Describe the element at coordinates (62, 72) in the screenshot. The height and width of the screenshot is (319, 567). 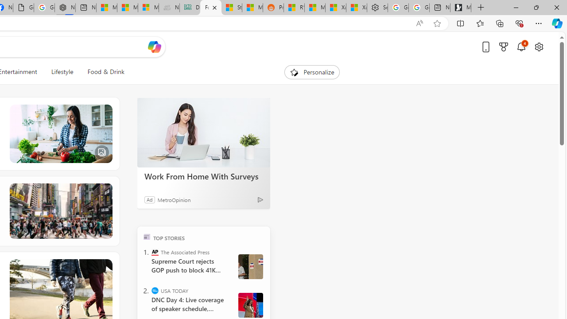
I see `'Lifestyle'` at that location.